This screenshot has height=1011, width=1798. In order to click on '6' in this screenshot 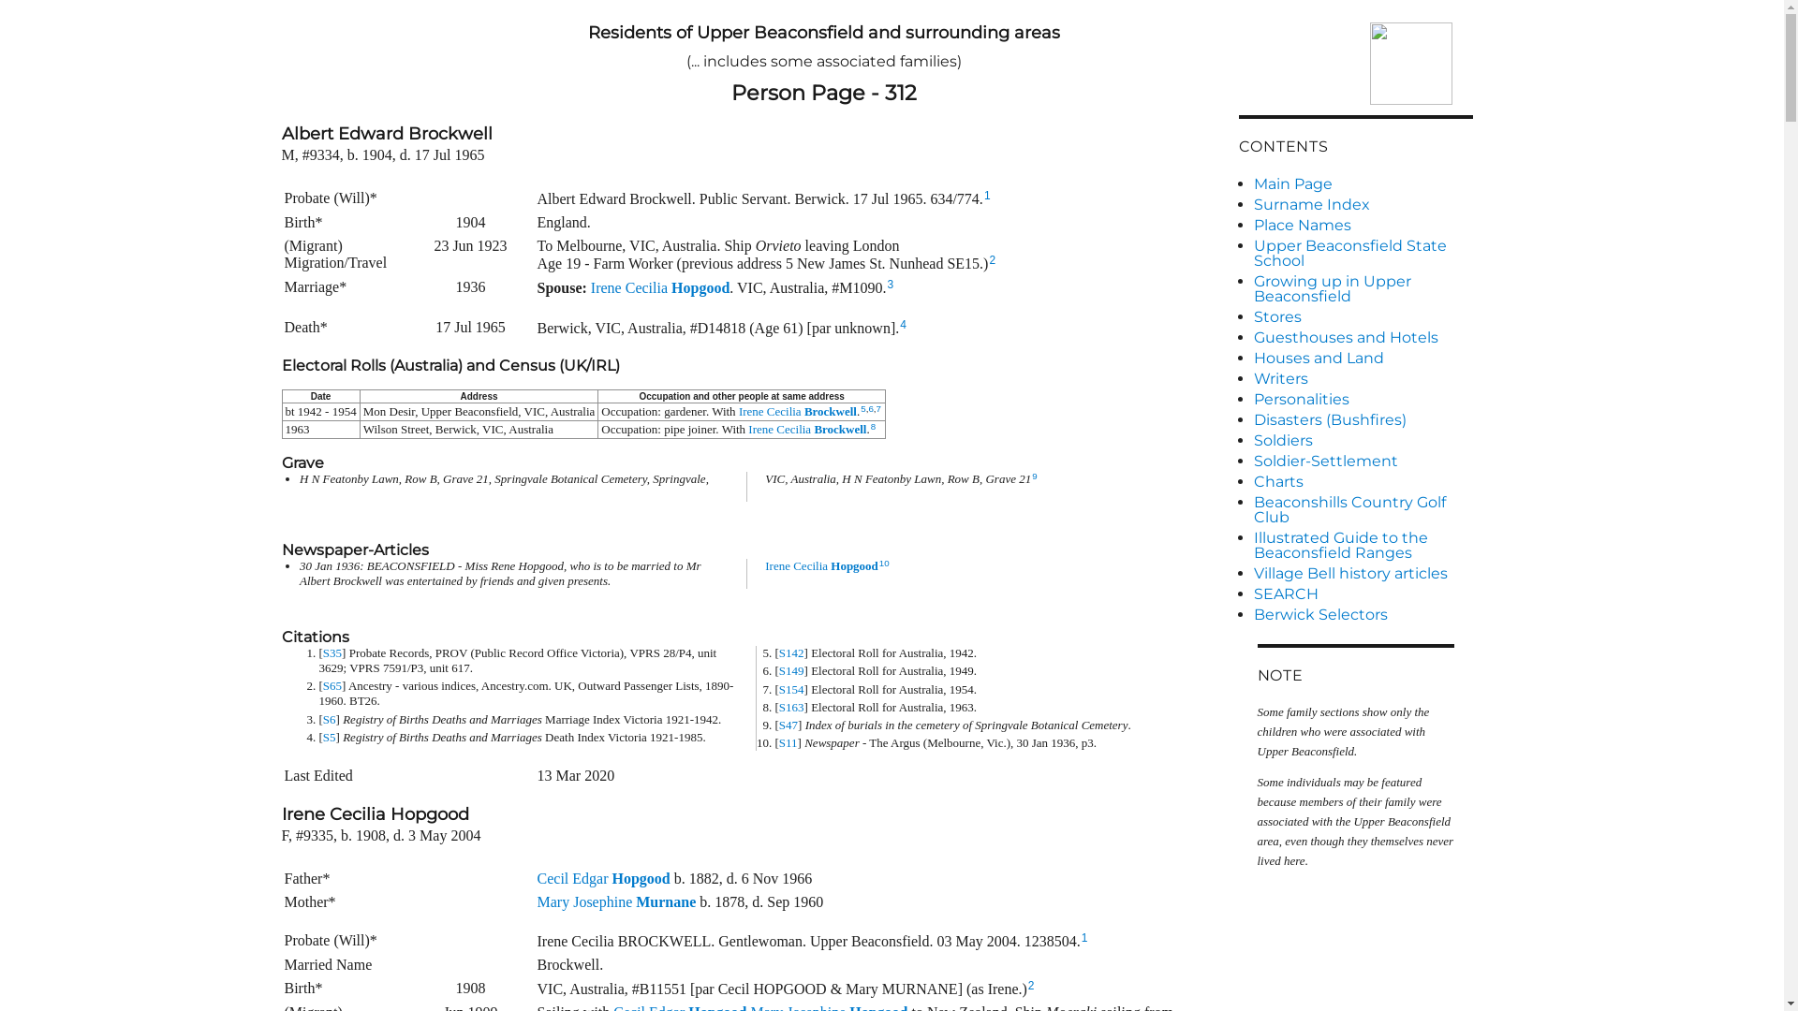, I will do `click(866, 407)`.